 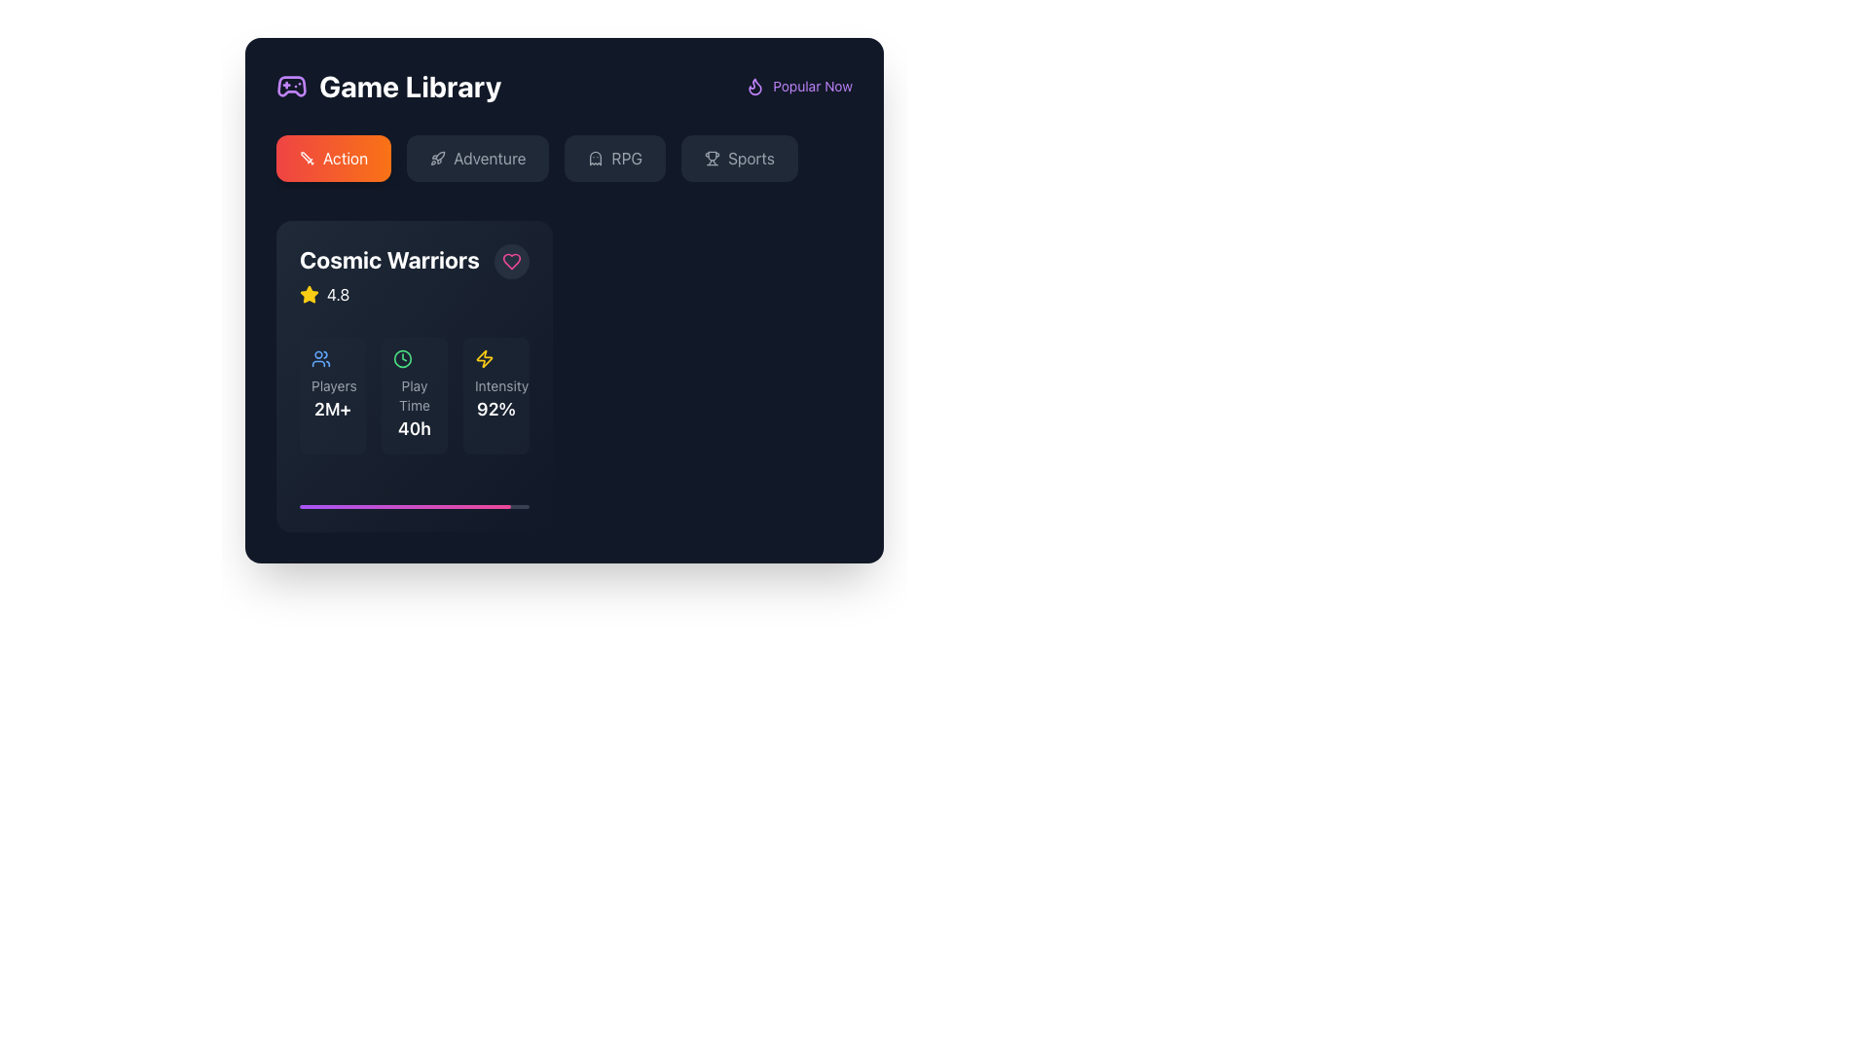 What do you see at coordinates (338, 295) in the screenshot?
I see `rating value displayed as '4.8' in white color, located to the right of a yellow star icon in the 'Cosmic Warriors' section` at bounding box center [338, 295].